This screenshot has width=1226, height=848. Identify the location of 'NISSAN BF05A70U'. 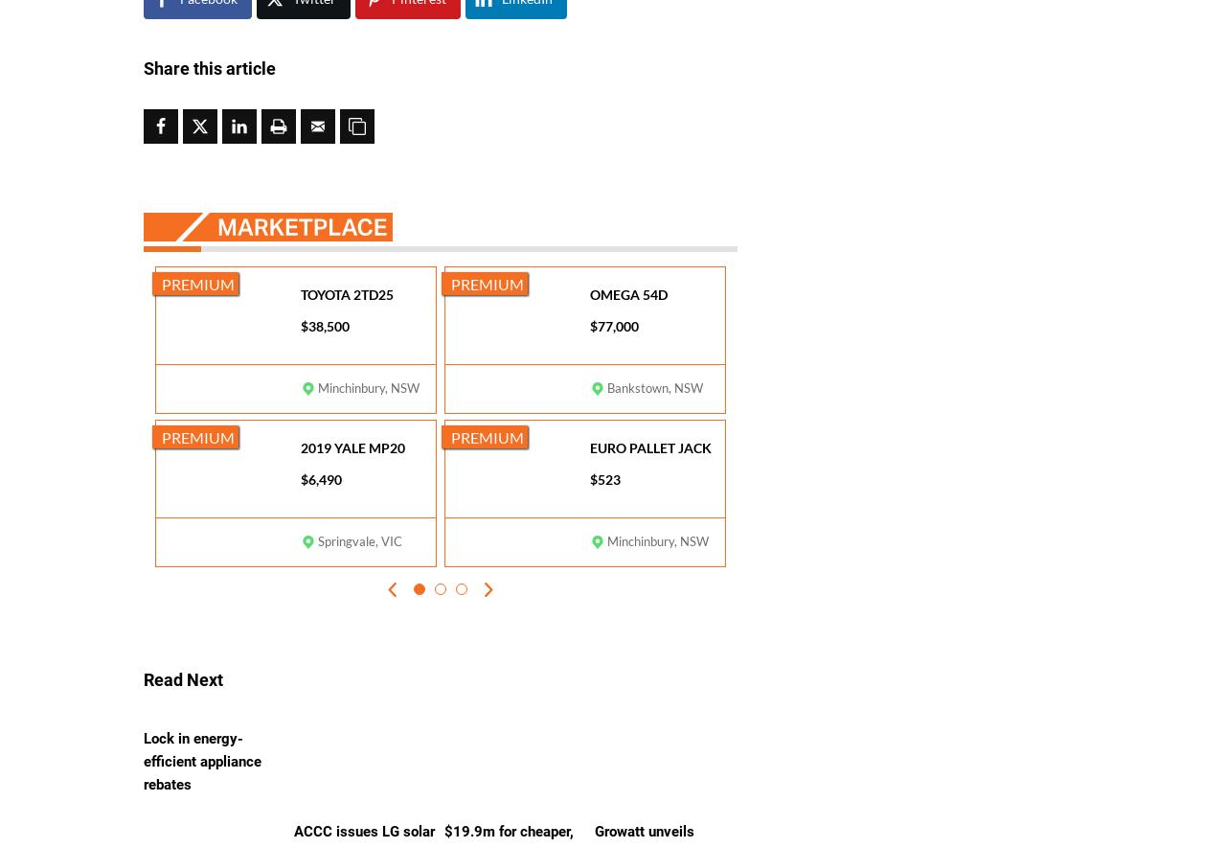
(359, 753).